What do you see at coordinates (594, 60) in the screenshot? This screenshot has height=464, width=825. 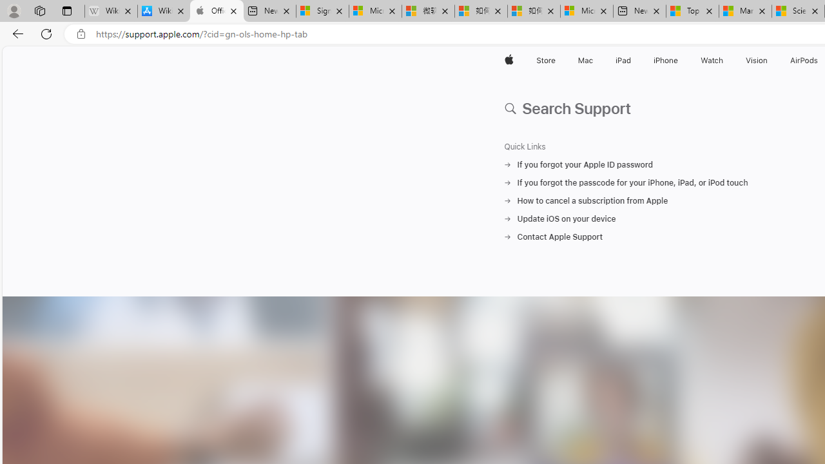 I see `'Mac menu'` at bounding box center [594, 60].